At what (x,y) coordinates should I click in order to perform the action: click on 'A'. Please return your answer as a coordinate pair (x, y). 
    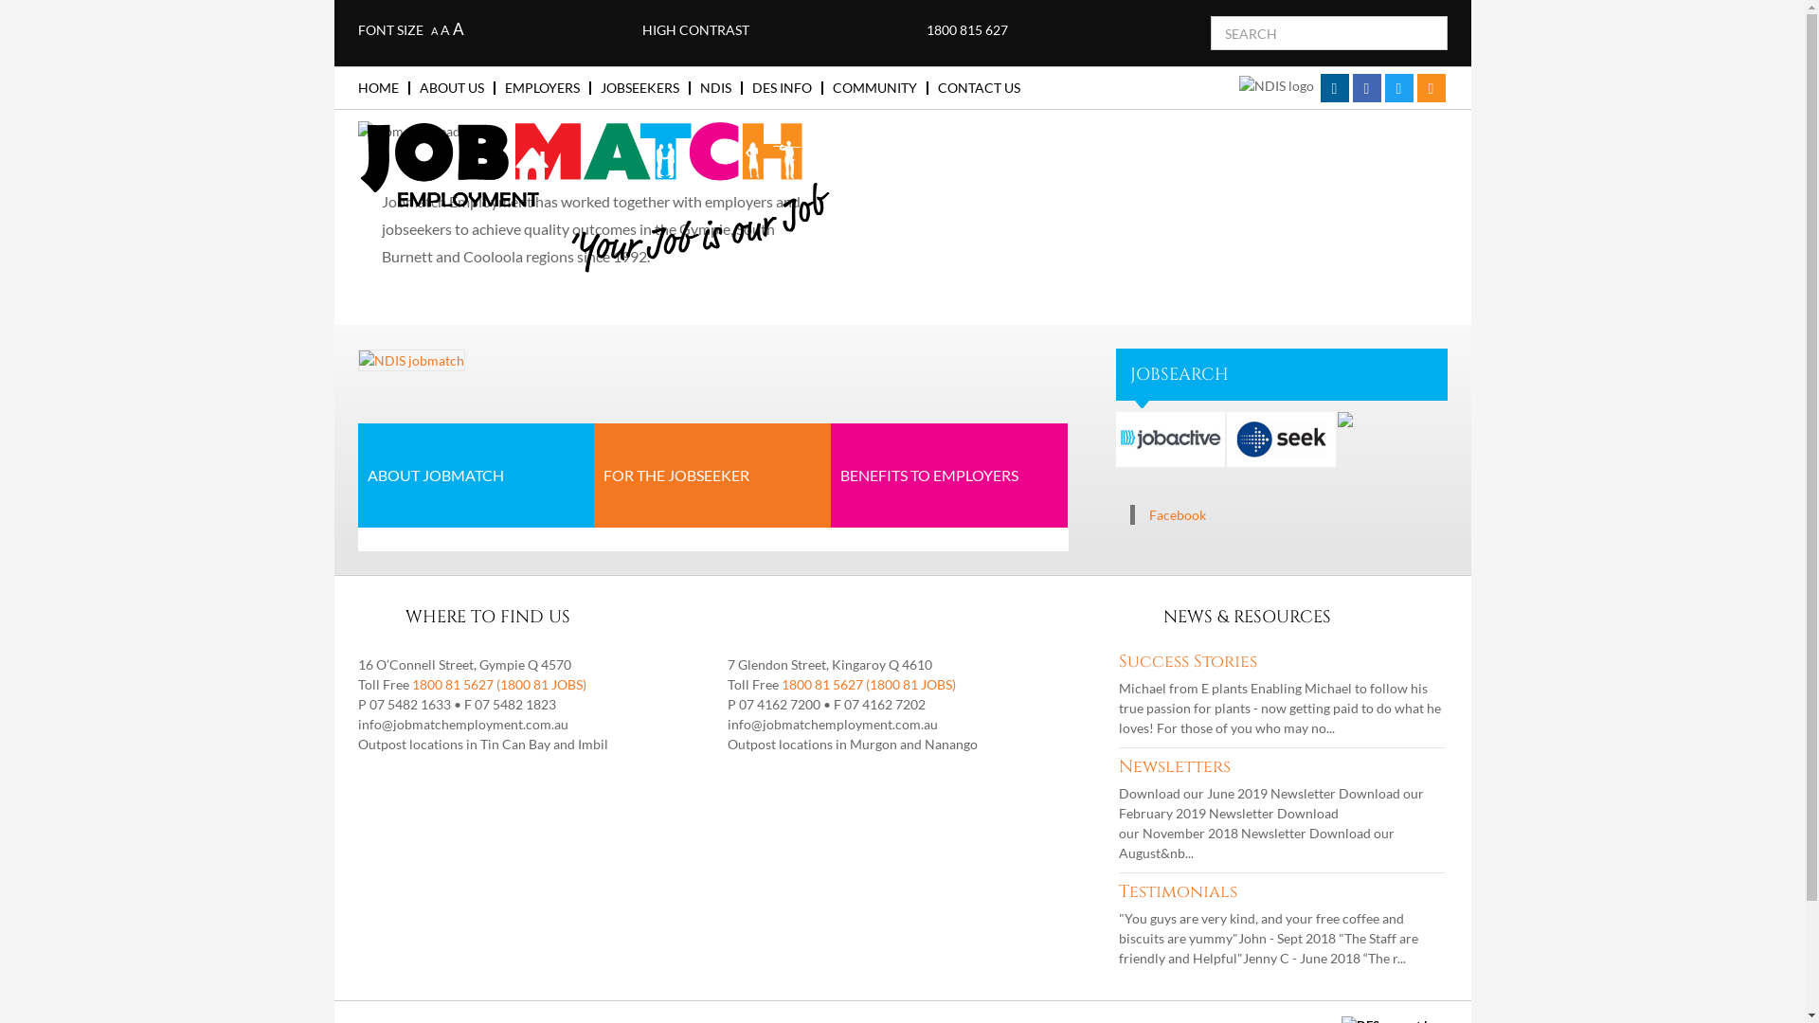
    Looking at the image, I should click on (432, 30).